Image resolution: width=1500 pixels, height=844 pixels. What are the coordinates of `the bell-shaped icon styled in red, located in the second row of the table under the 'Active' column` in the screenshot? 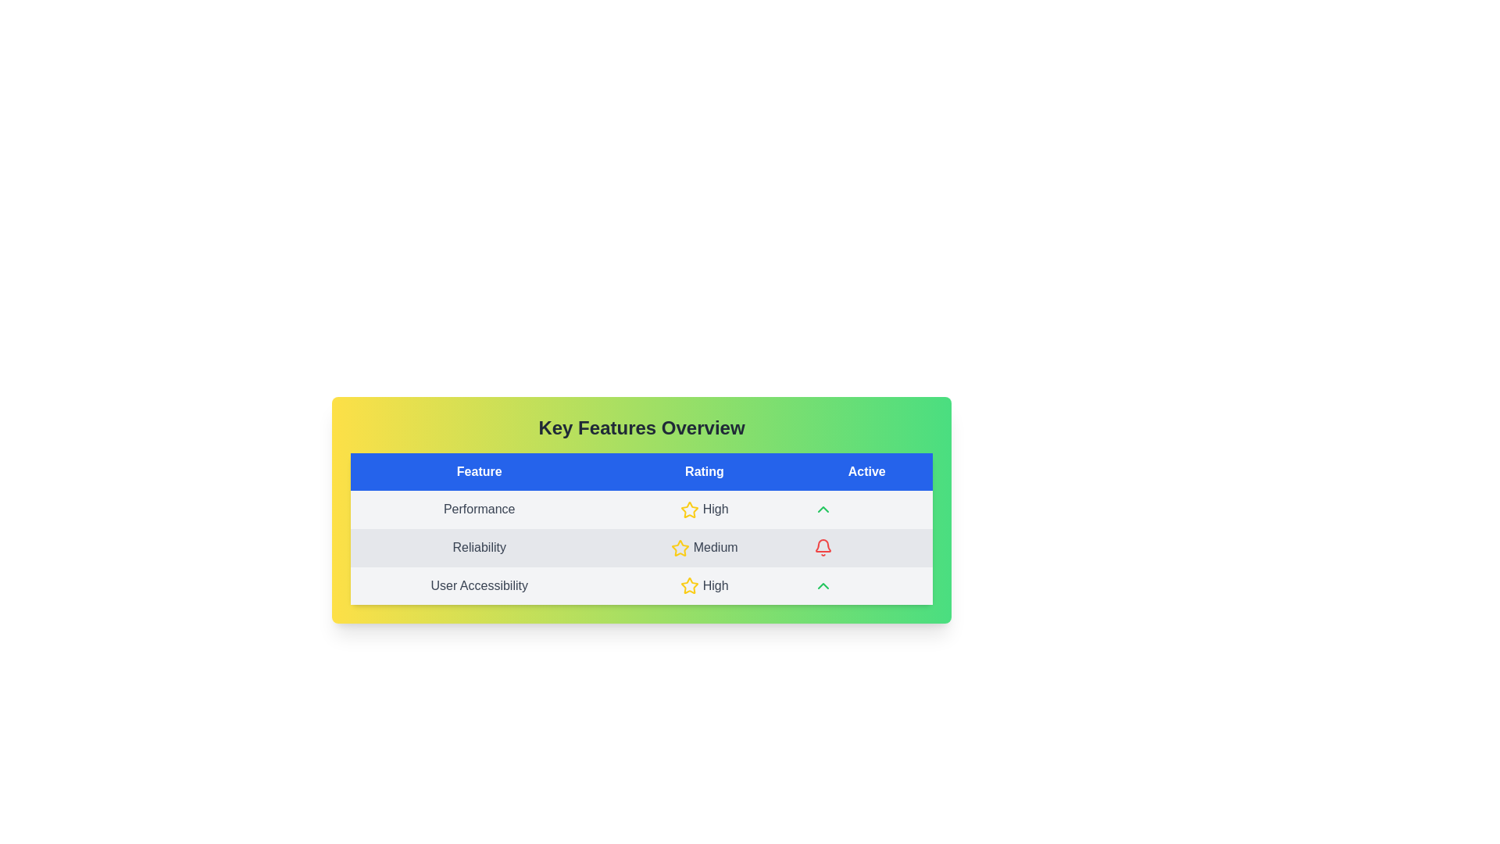 It's located at (822, 545).